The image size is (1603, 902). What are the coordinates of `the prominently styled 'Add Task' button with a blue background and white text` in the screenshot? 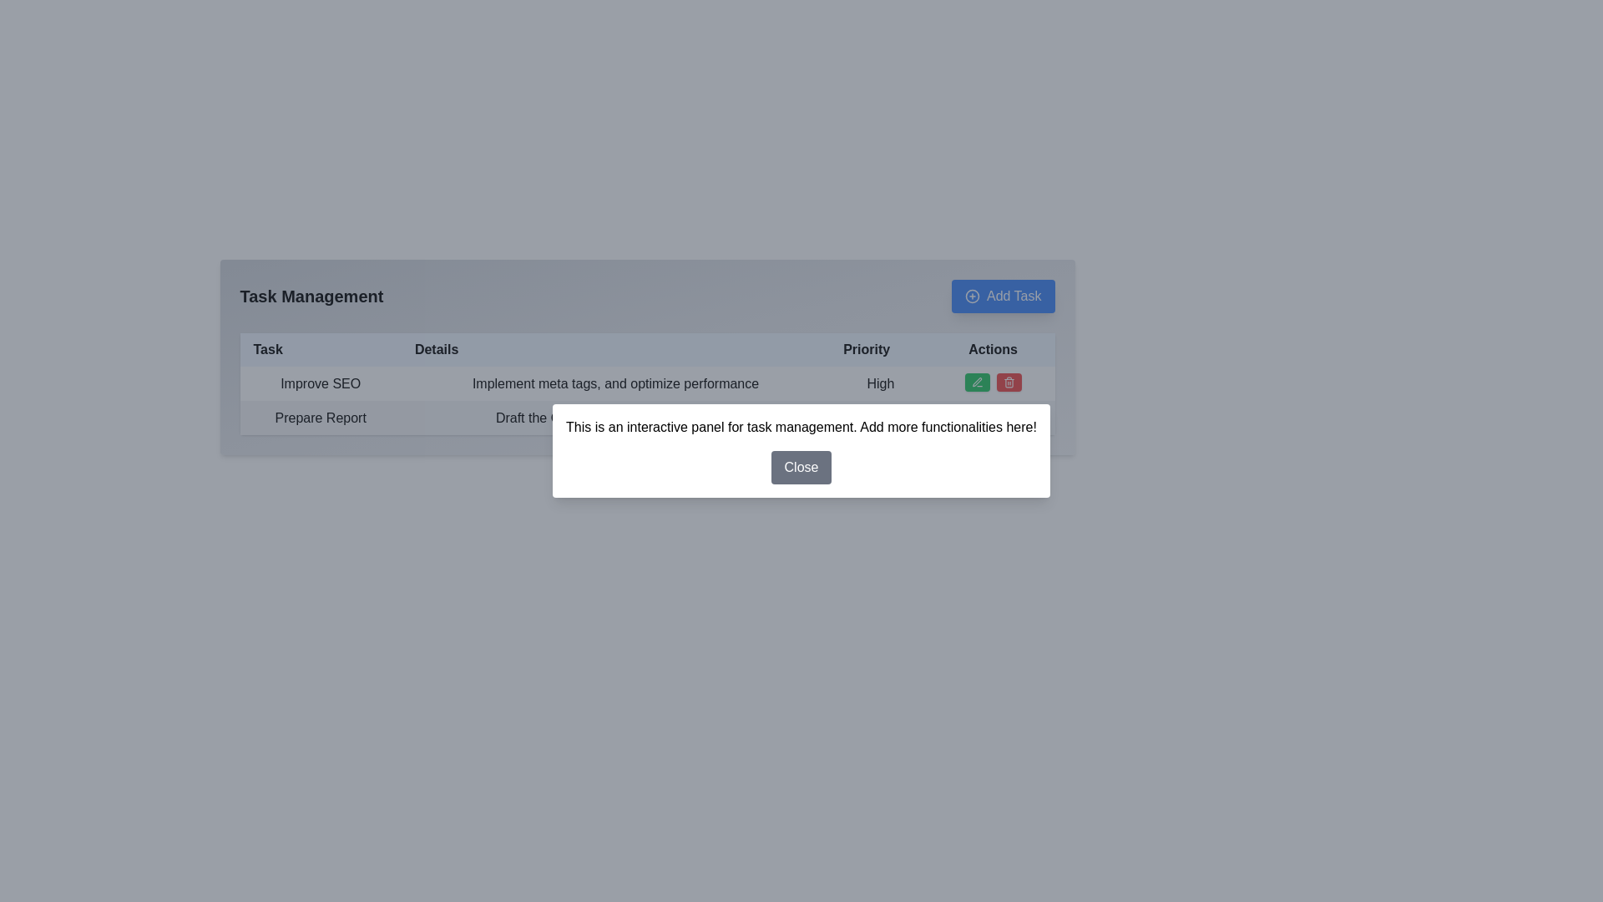 It's located at (1002, 295).